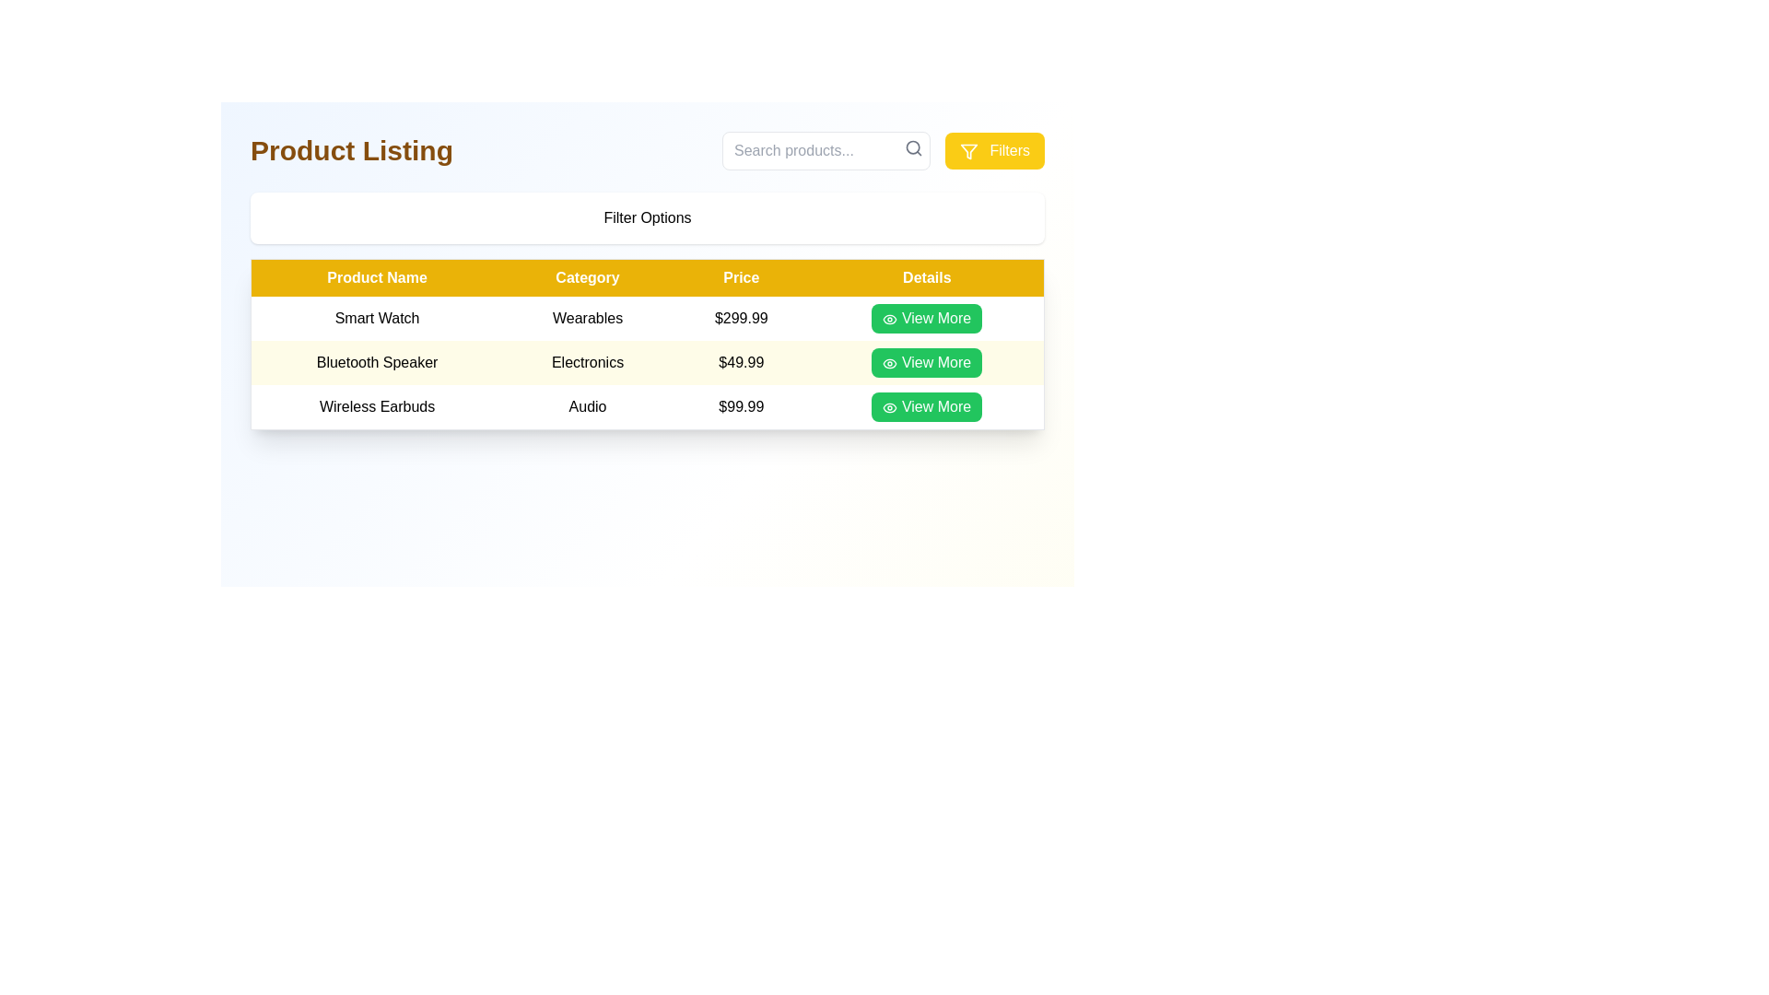 Image resolution: width=1769 pixels, height=995 pixels. What do you see at coordinates (927, 362) in the screenshot?
I see `the 'View More' button, which has a green background and white bold text, located in the third column of the second row under the 'Details' header for the 'Bluetooth Speaker' product` at bounding box center [927, 362].